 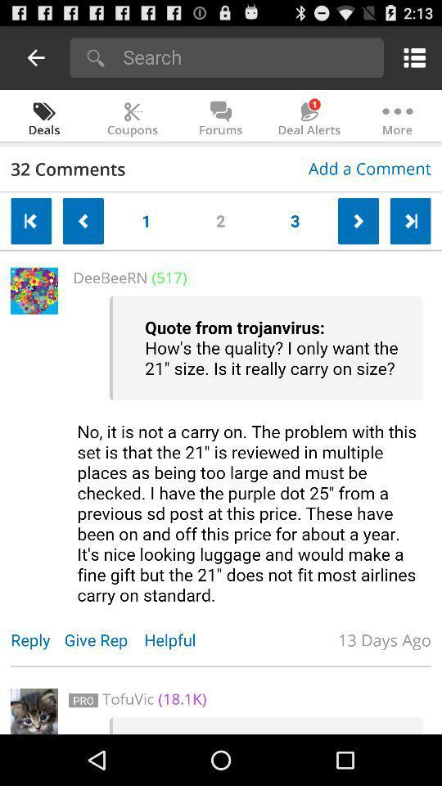 I want to click on item to the right of give rep, so click(x=178, y=639).